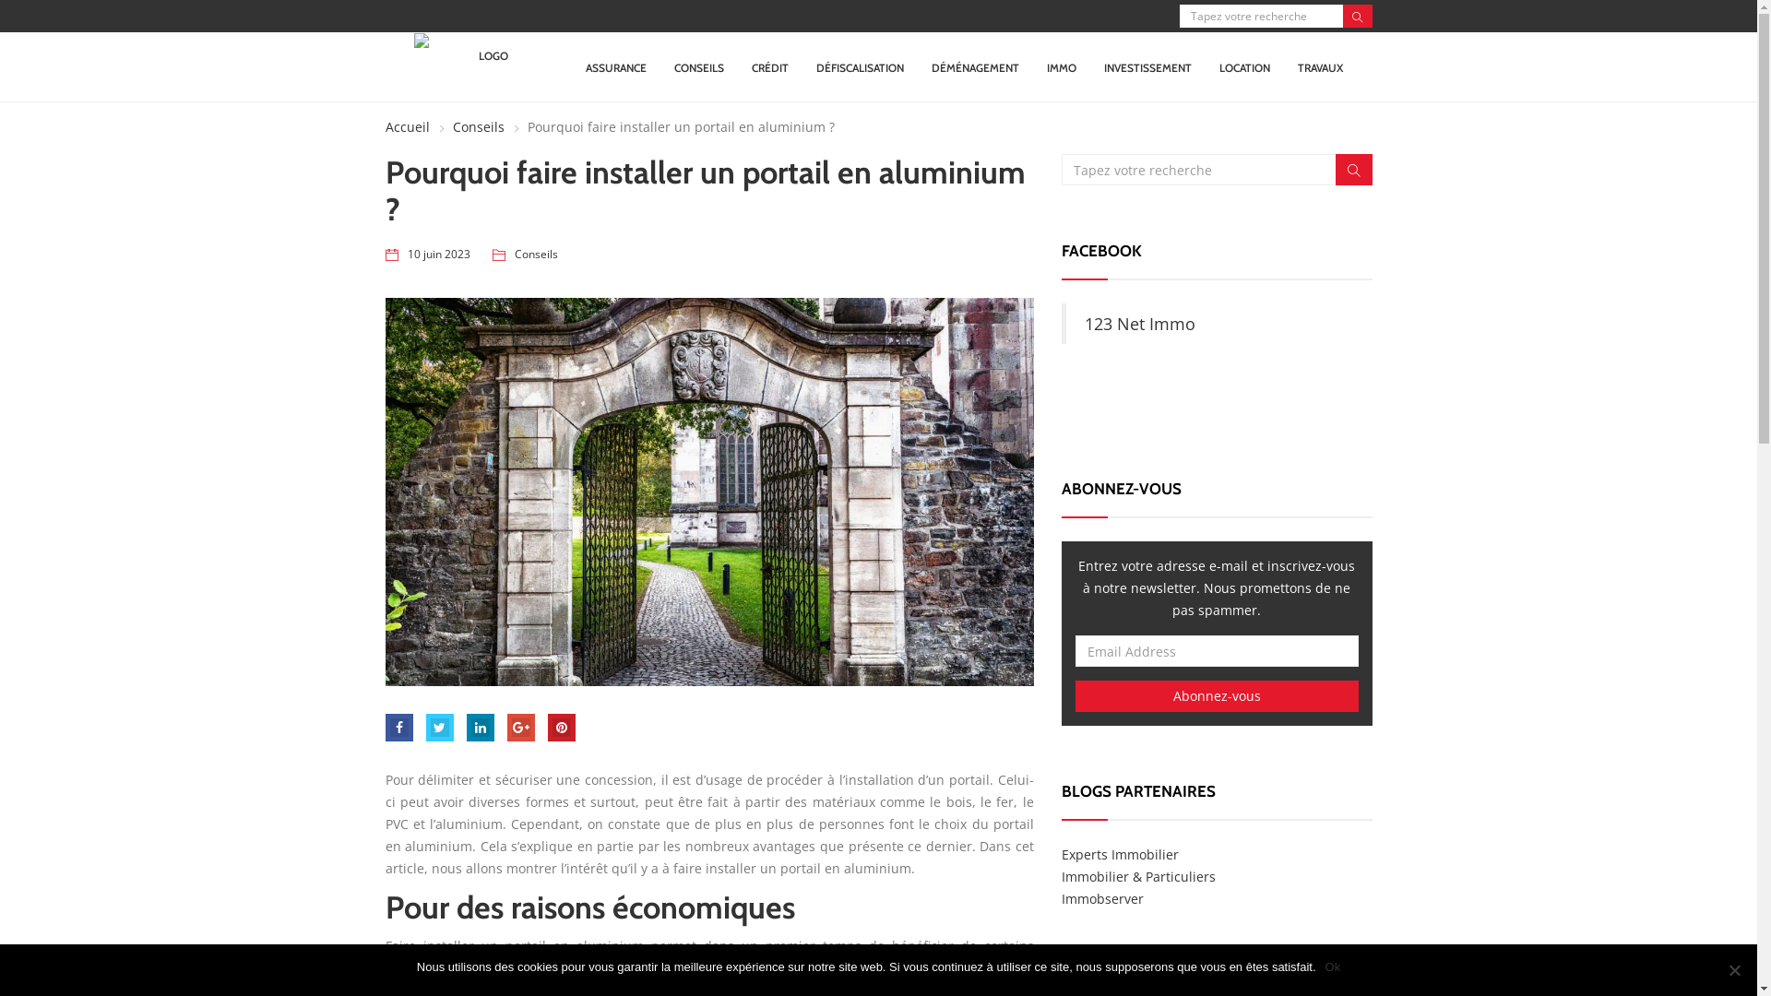 Image resolution: width=1771 pixels, height=996 pixels. What do you see at coordinates (1139, 323) in the screenshot?
I see `'123 Net Immo'` at bounding box center [1139, 323].